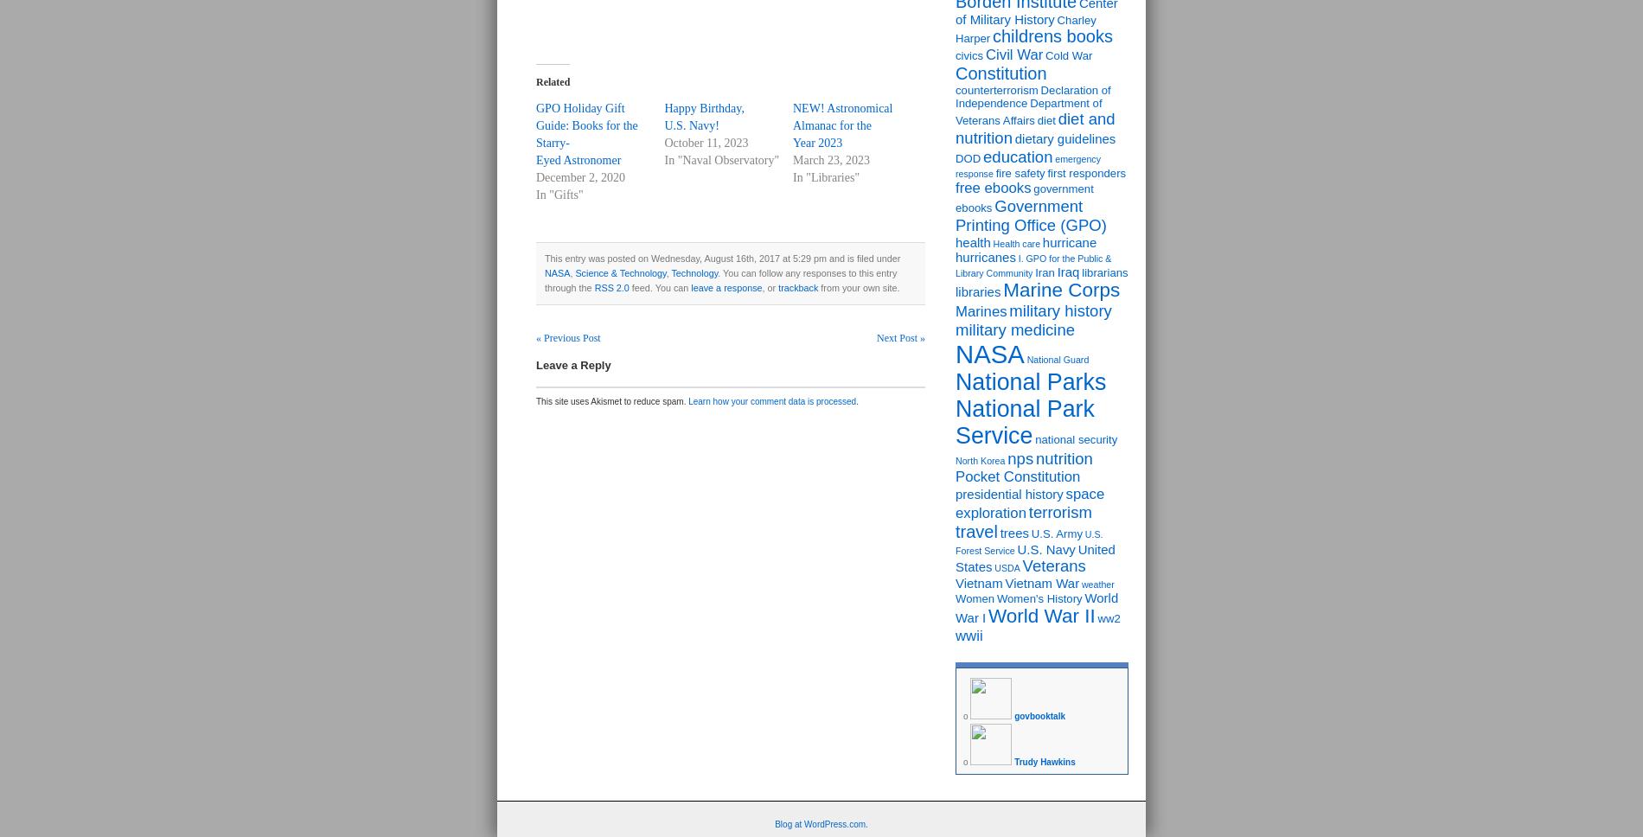 The width and height of the screenshot is (1643, 837). What do you see at coordinates (1025, 29) in the screenshot?
I see `'Charley Harper'` at bounding box center [1025, 29].